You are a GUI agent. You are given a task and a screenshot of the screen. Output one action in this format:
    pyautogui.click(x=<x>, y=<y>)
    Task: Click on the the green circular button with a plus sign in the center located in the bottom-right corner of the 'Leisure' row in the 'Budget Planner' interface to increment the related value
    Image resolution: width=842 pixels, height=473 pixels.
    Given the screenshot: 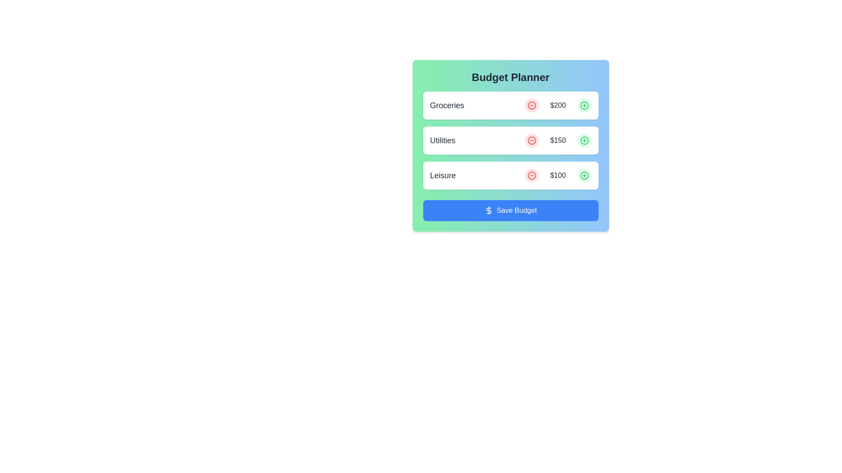 What is the action you would take?
    pyautogui.click(x=584, y=176)
    